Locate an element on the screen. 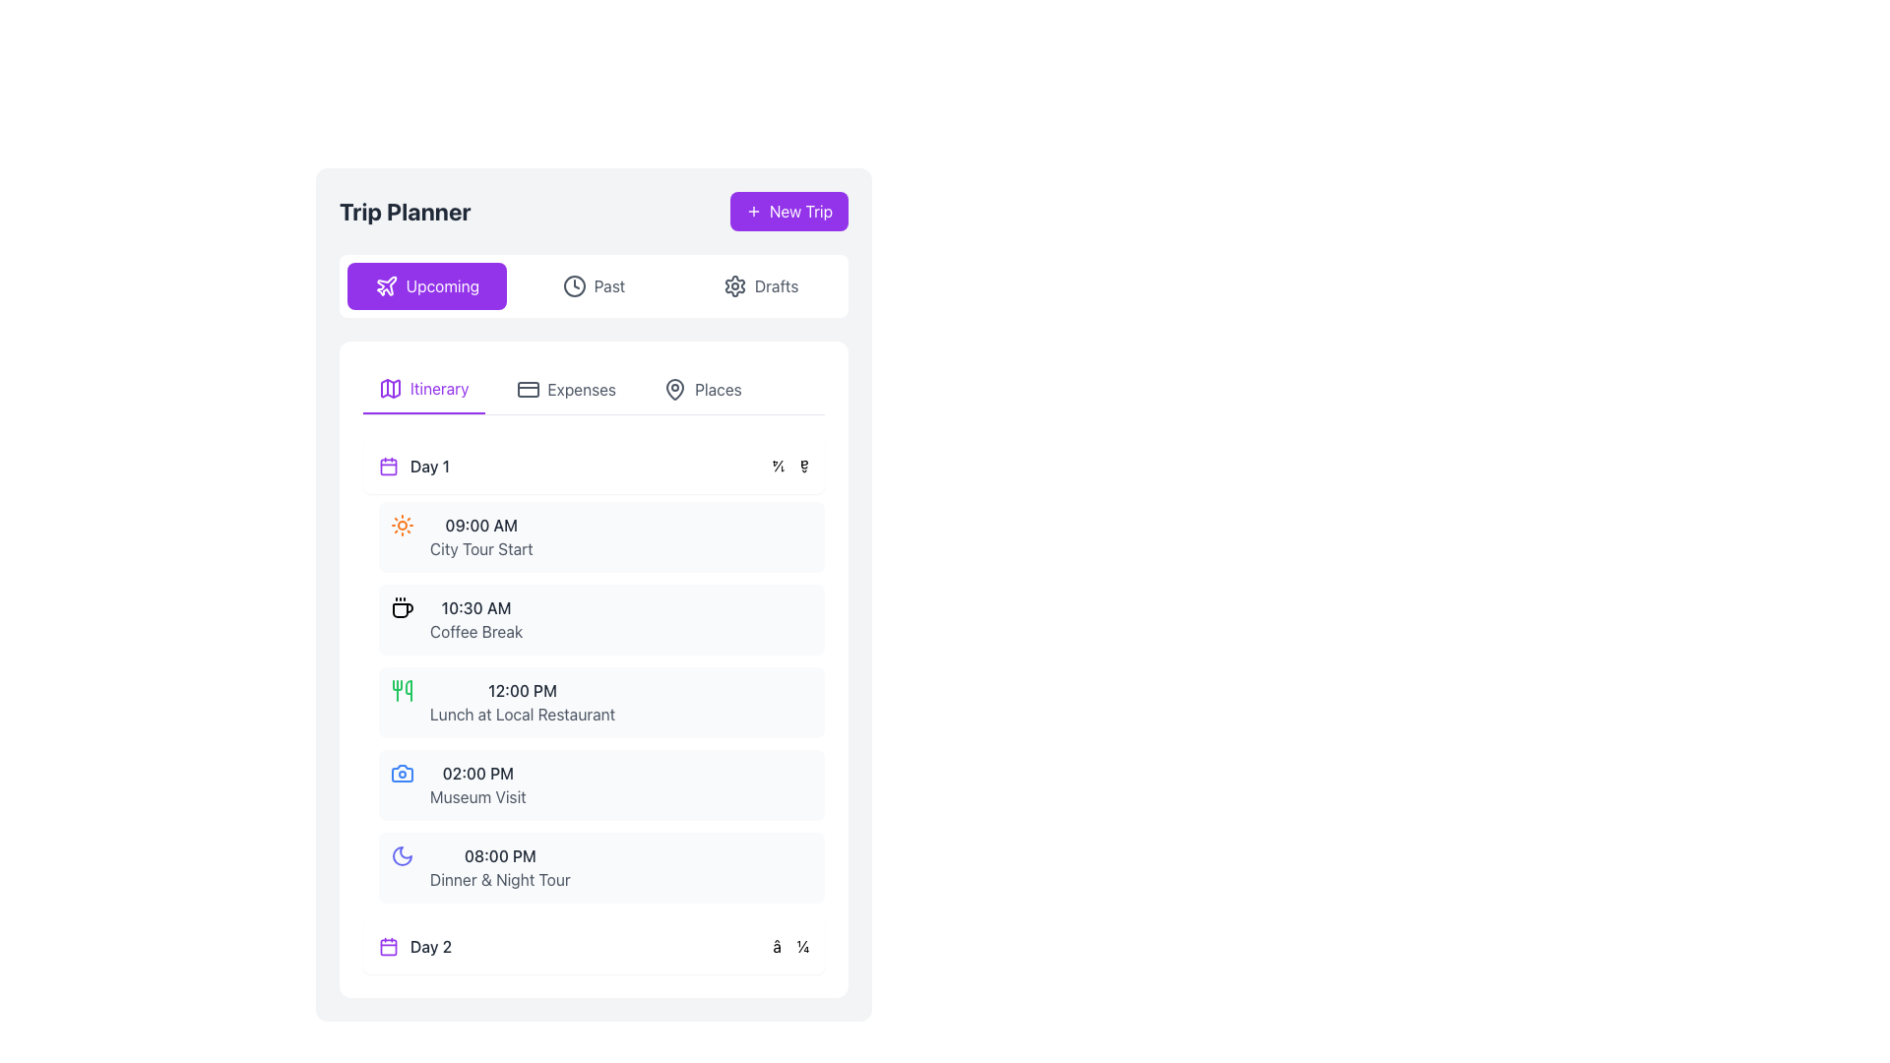  icon representing the 'Museum Visit' event, which signifies photo-related activities, located to the left of the event text at 2:00 PM is located at coordinates (401, 773).